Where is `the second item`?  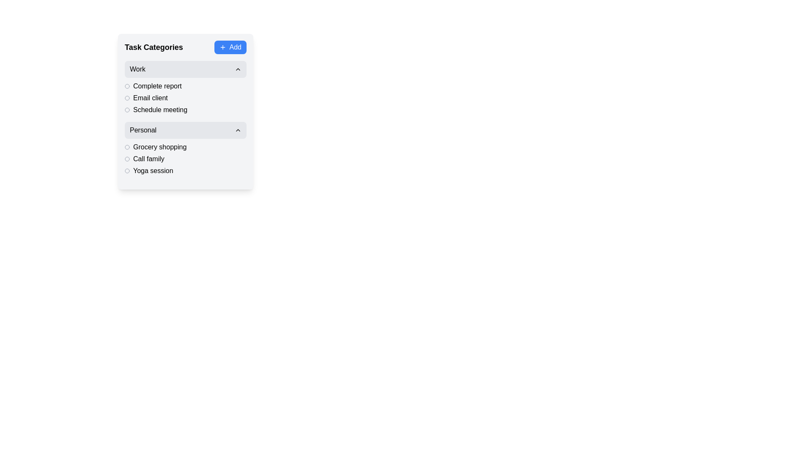 the second item is located at coordinates (185, 159).